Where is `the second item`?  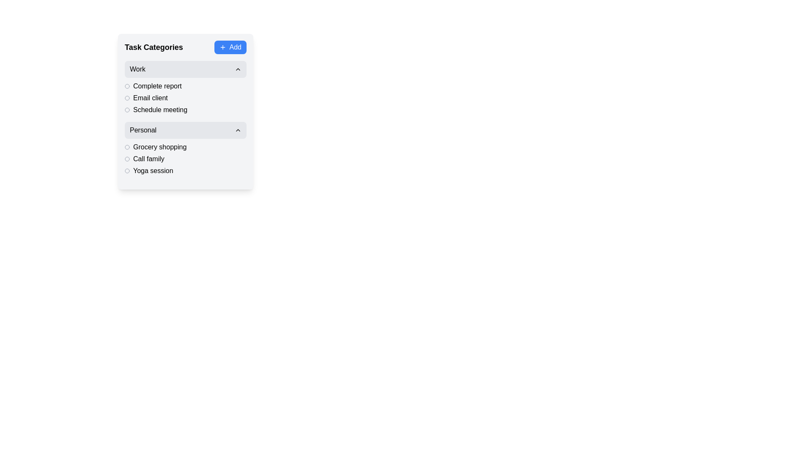 the second item is located at coordinates (185, 159).